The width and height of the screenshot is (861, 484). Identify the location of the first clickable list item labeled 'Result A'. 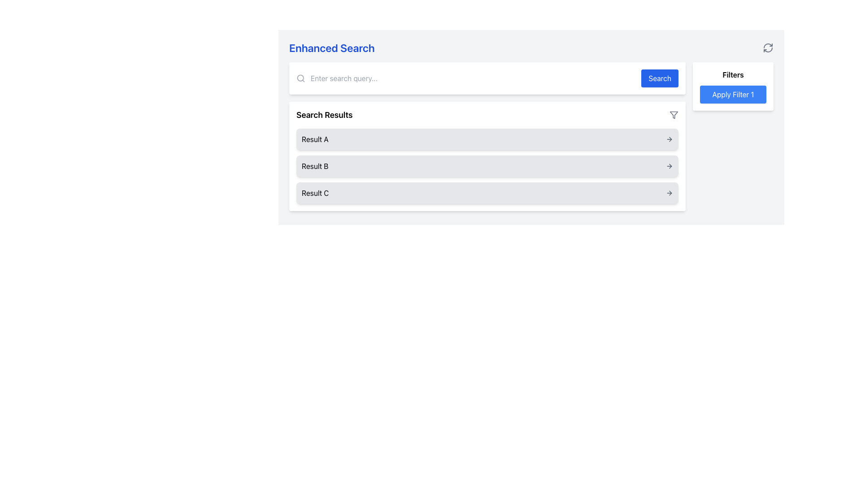
(487, 139).